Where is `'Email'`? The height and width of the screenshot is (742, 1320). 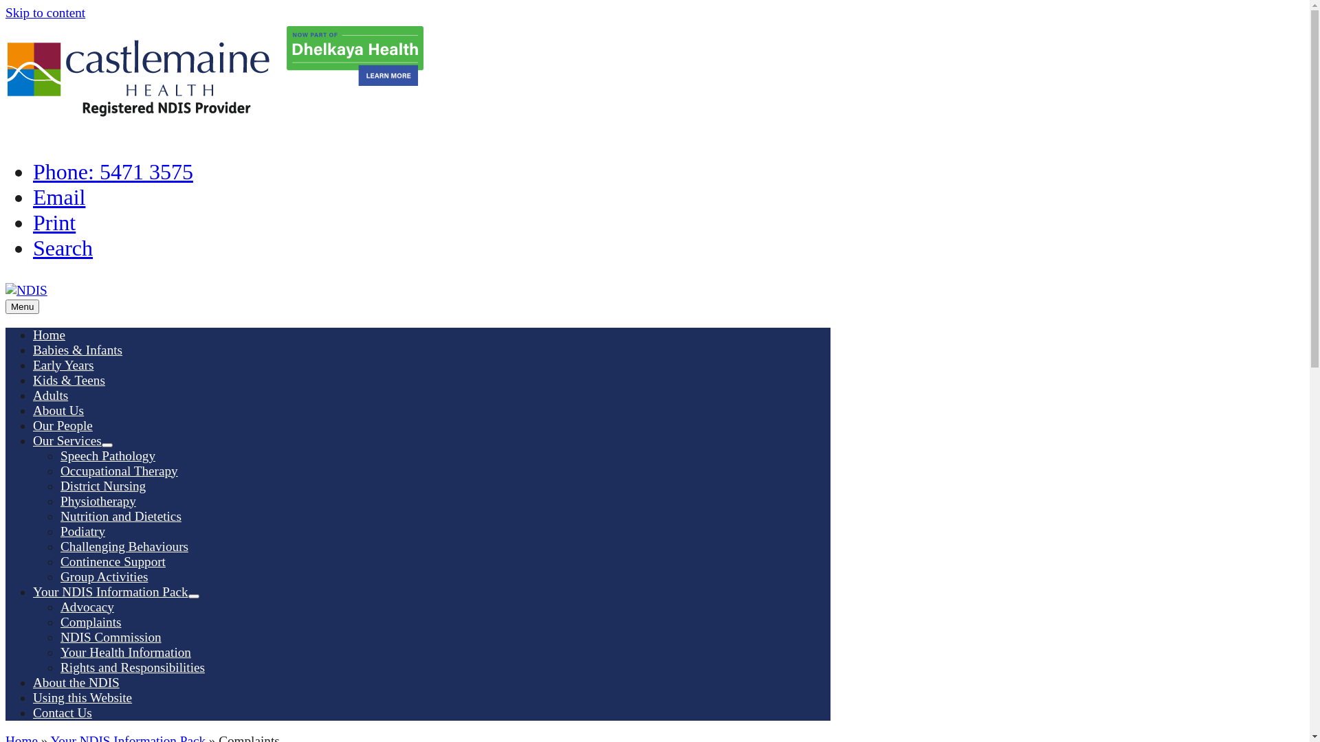
'Email' is located at coordinates (58, 196).